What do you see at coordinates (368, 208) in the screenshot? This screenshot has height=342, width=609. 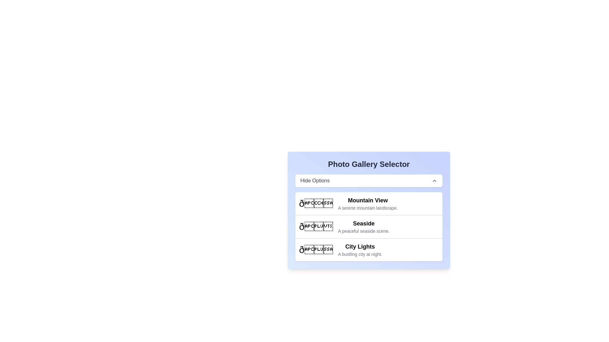 I see `descriptive text label 'A serene mountain landscape.' located below the title 'Mountain View.' in the photo gallery interface` at bounding box center [368, 208].